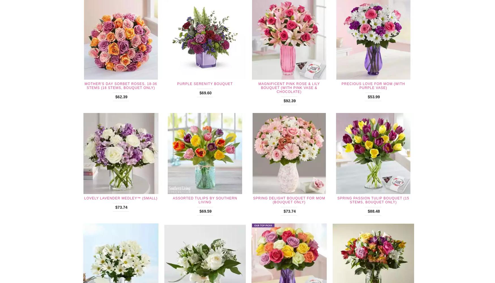 The image size is (495, 283). Describe the element at coordinates (373, 85) in the screenshot. I see `'Precious Love For Mom (with Purple Vase)'` at that location.